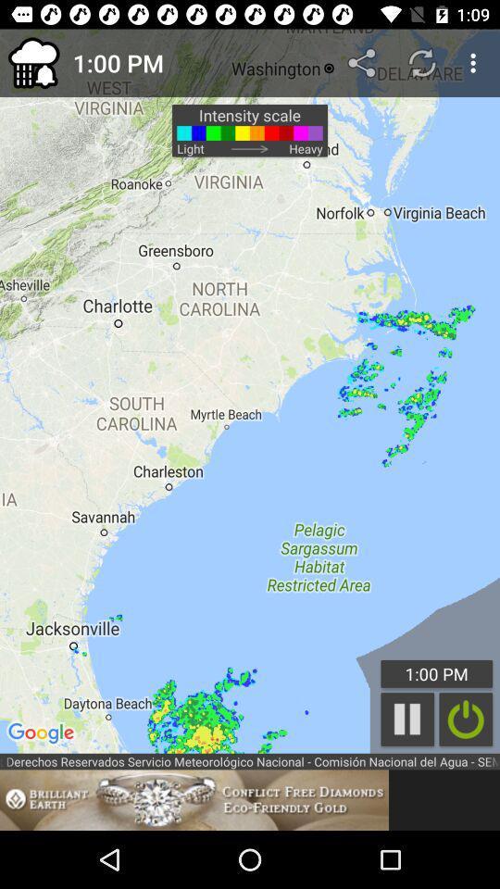  Describe the element at coordinates (465, 719) in the screenshot. I see `switch off` at that location.